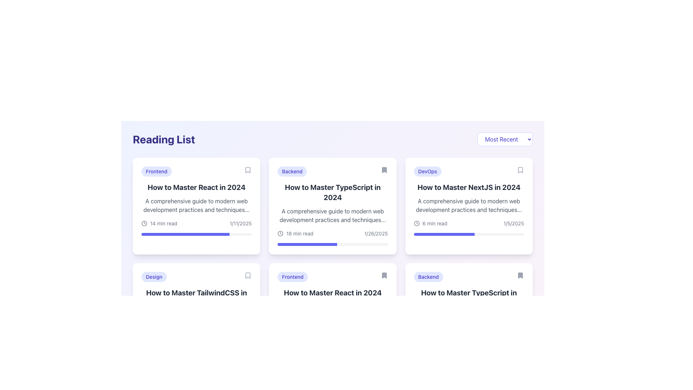 The height and width of the screenshot is (390, 693). I want to click on the stylized bookmark icon located at the top-right corner of the 'How to Master TypeScript in 2024' card to change its color to indigo, so click(520, 276).